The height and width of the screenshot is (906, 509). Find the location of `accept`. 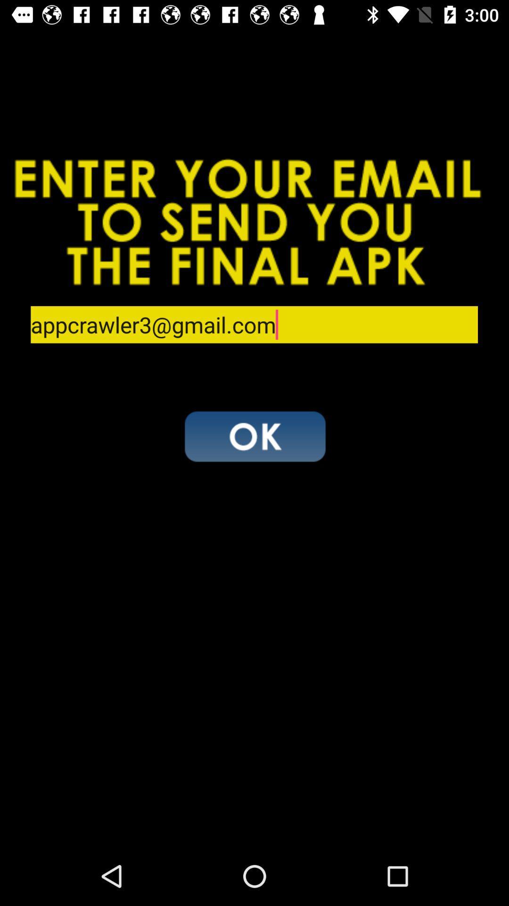

accept is located at coordinates (254, 436).